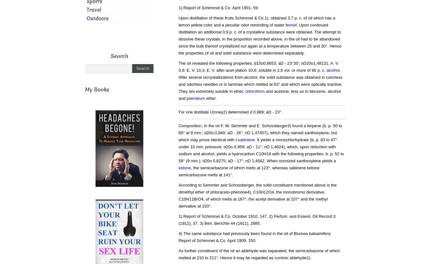  I want to click on 'sabinene', so click(238, 140).